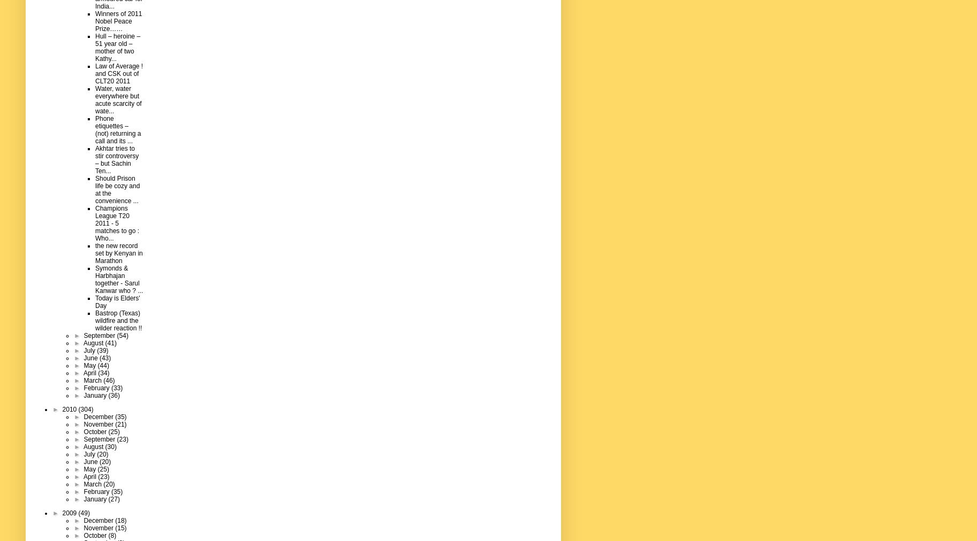 This screenshot has height=541, width=977. I want to click on 'Today is Elders' Day', so click(117, 300).